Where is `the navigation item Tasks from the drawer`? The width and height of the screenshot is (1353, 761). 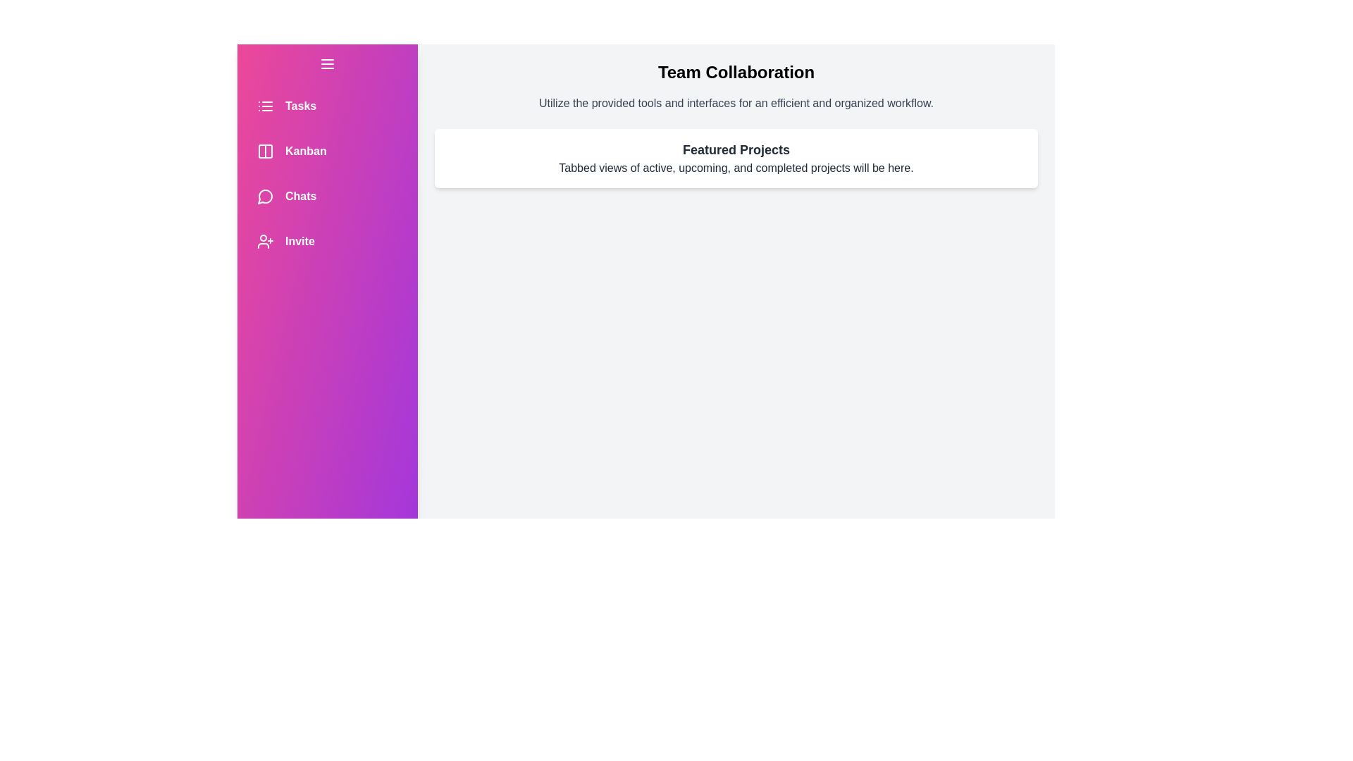
the navigation item Tasks from the drawer is located at coordinates (327, 105).